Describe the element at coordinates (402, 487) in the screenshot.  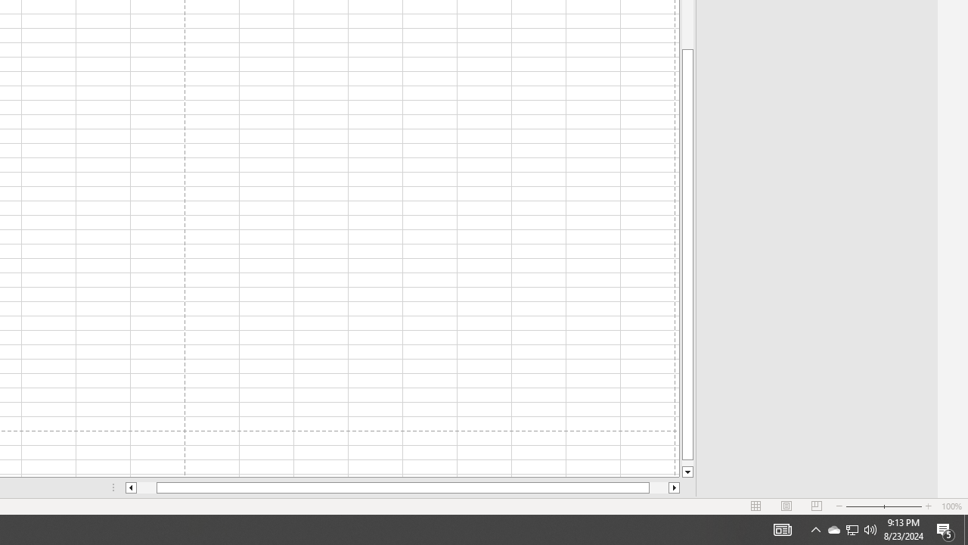
I see `'Class: NetUIScrollBar'` at that location.